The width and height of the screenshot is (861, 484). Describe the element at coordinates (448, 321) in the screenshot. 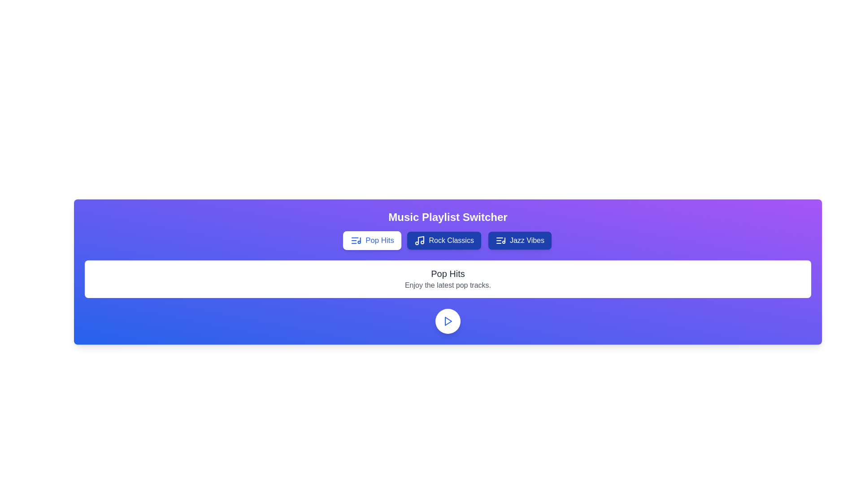

I see `the triangular play icon with a blue outline located near the bottom center of the interface to initiate playback` at that location.